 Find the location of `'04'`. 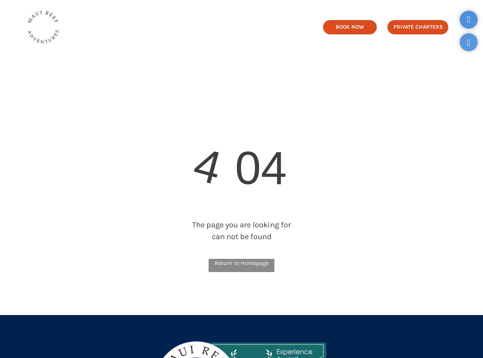

'04' is located at coordinates (222, 168).